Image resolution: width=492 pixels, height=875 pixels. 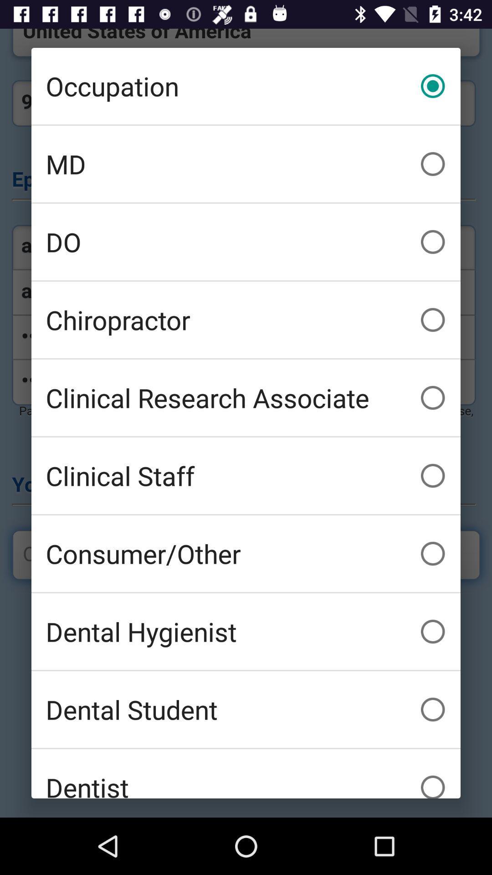 What do you see at coordinates (246, 475) in the screenshot?
I see `clinical staff` at bounding box center [246, 475].